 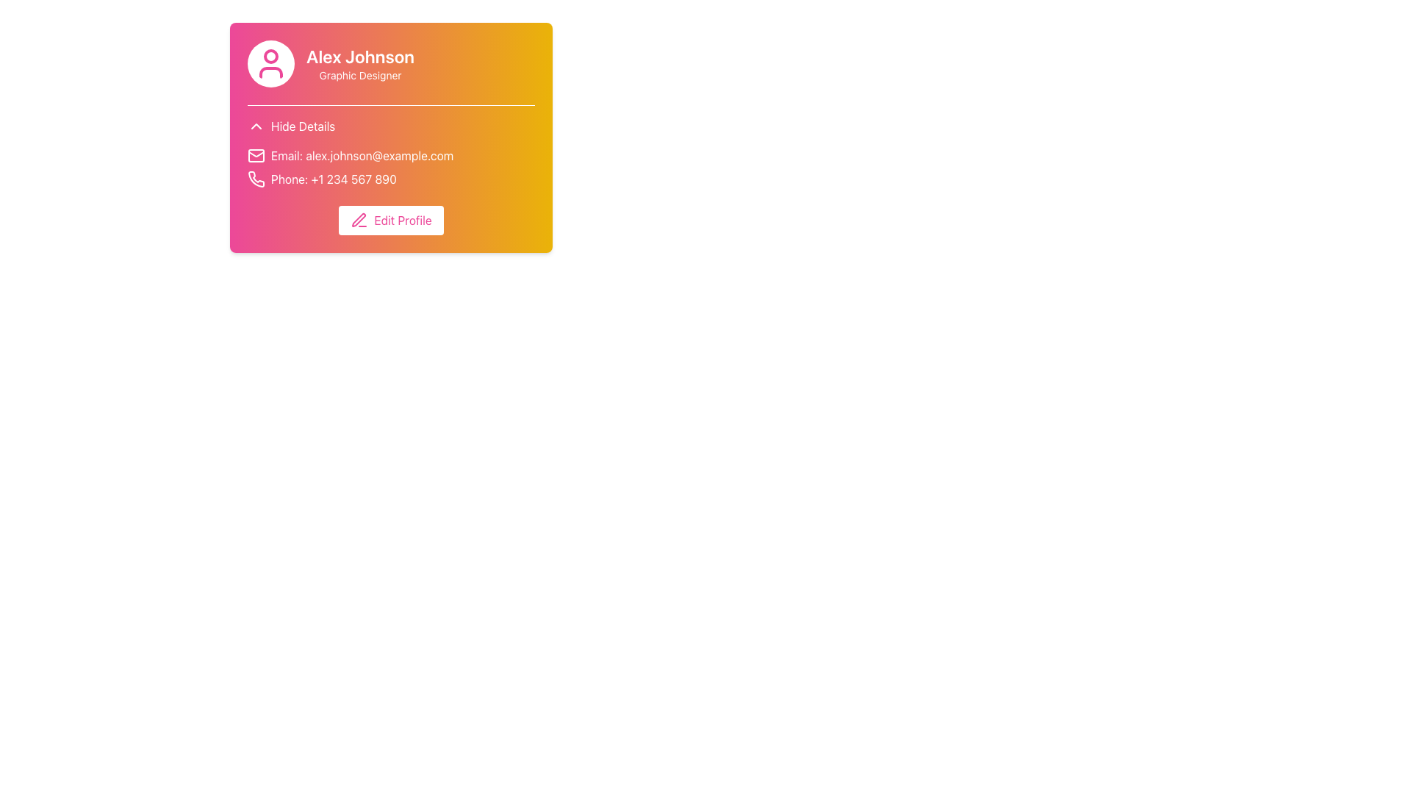 I want to click on the user profile icon, which features a circular structure with a pink figure outline and is located to the left of the text 'Alex Johnson', so click(x=271, y=63).